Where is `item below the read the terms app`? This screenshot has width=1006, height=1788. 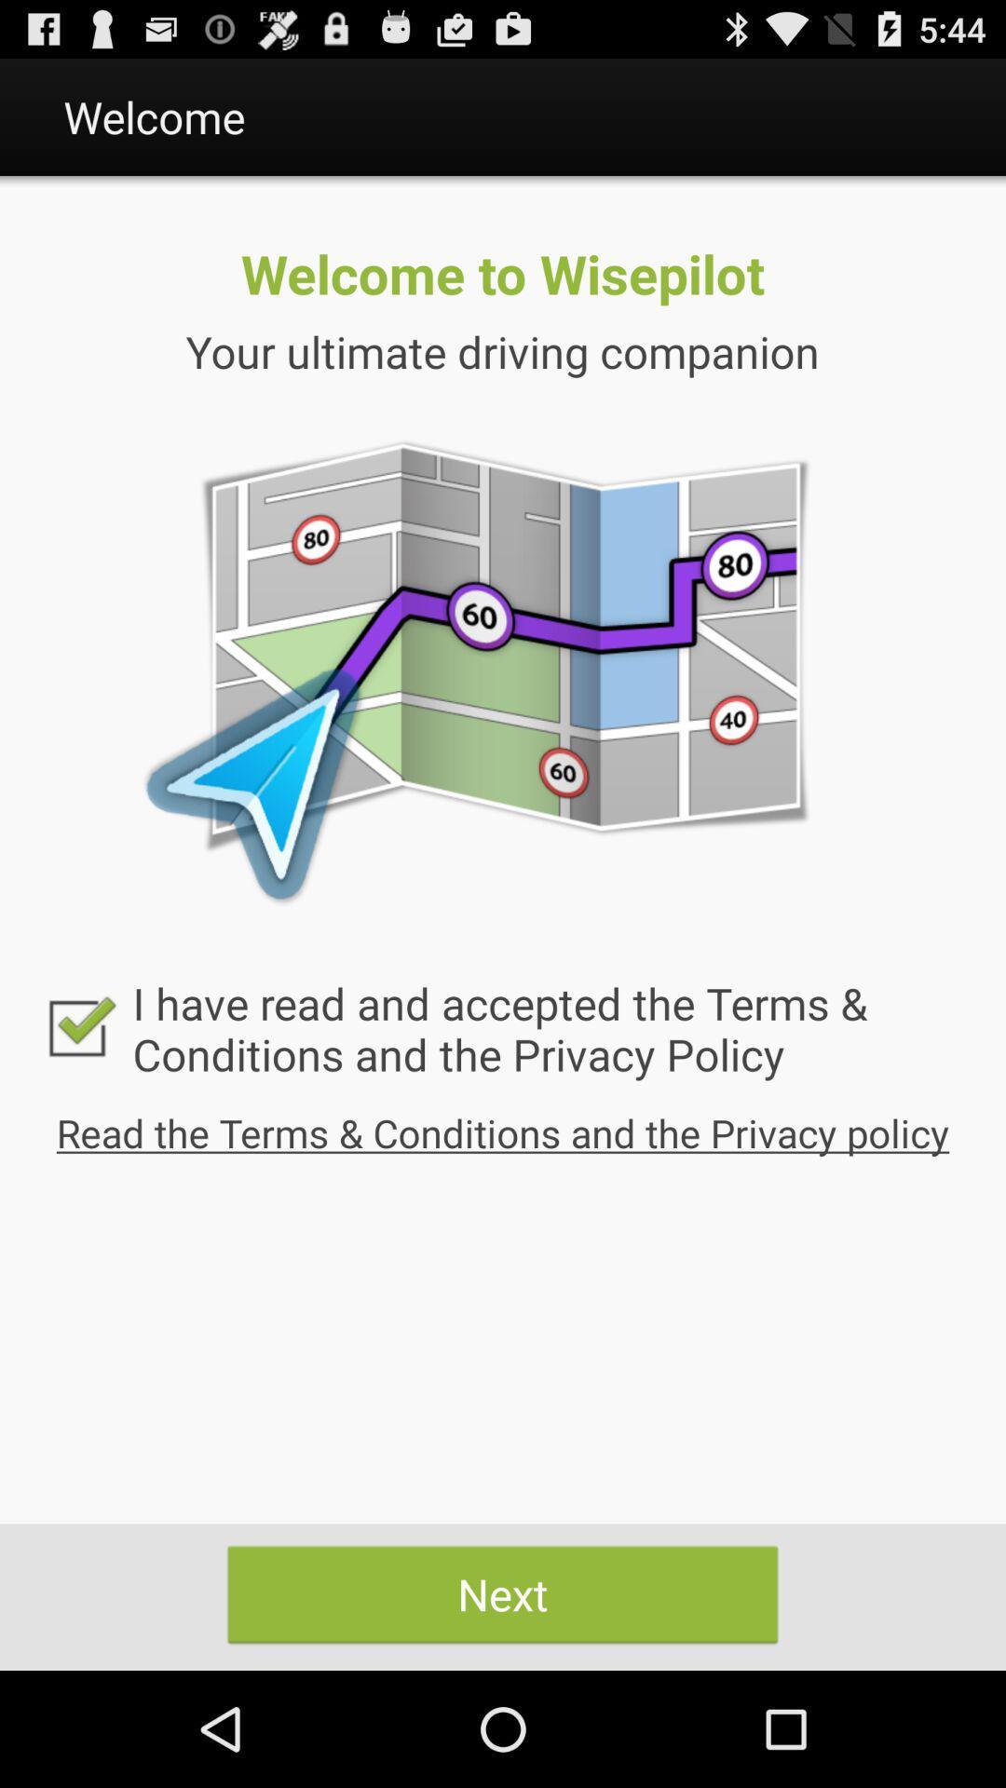
item below the read the terms app is located at coordinates (503, 1593).